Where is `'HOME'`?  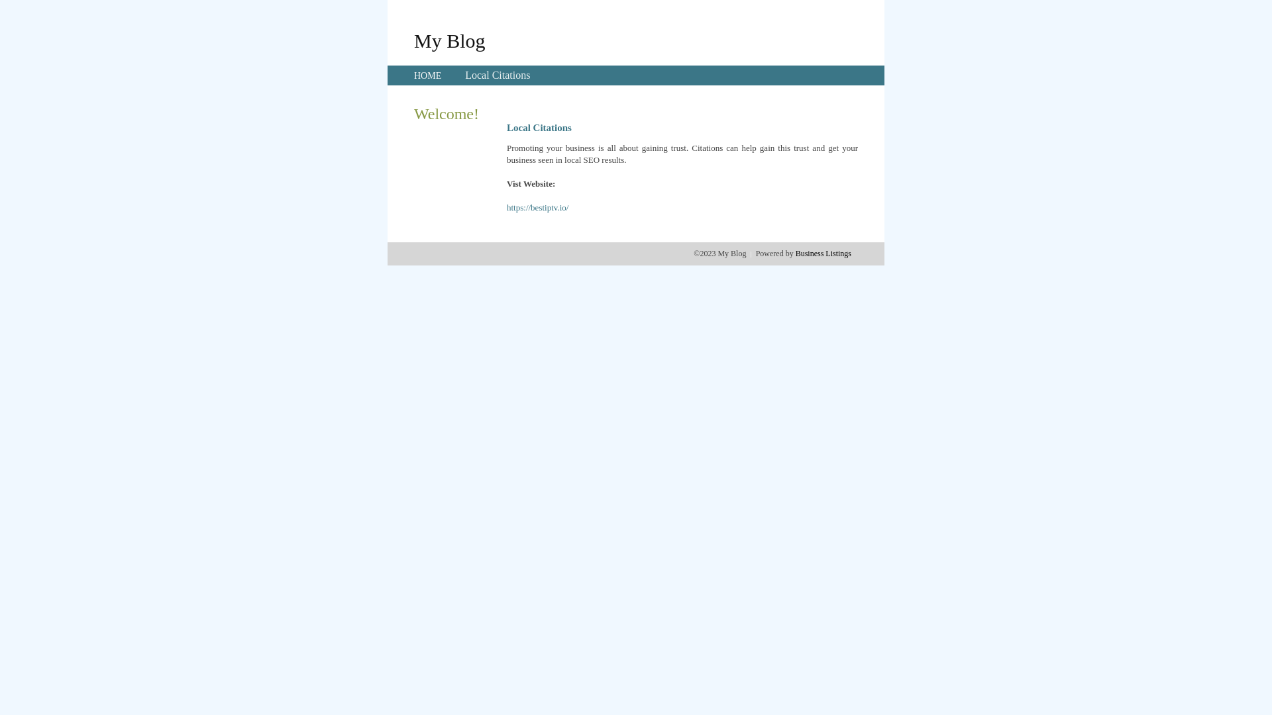
'HOME' is located at coordinates (427, 75).